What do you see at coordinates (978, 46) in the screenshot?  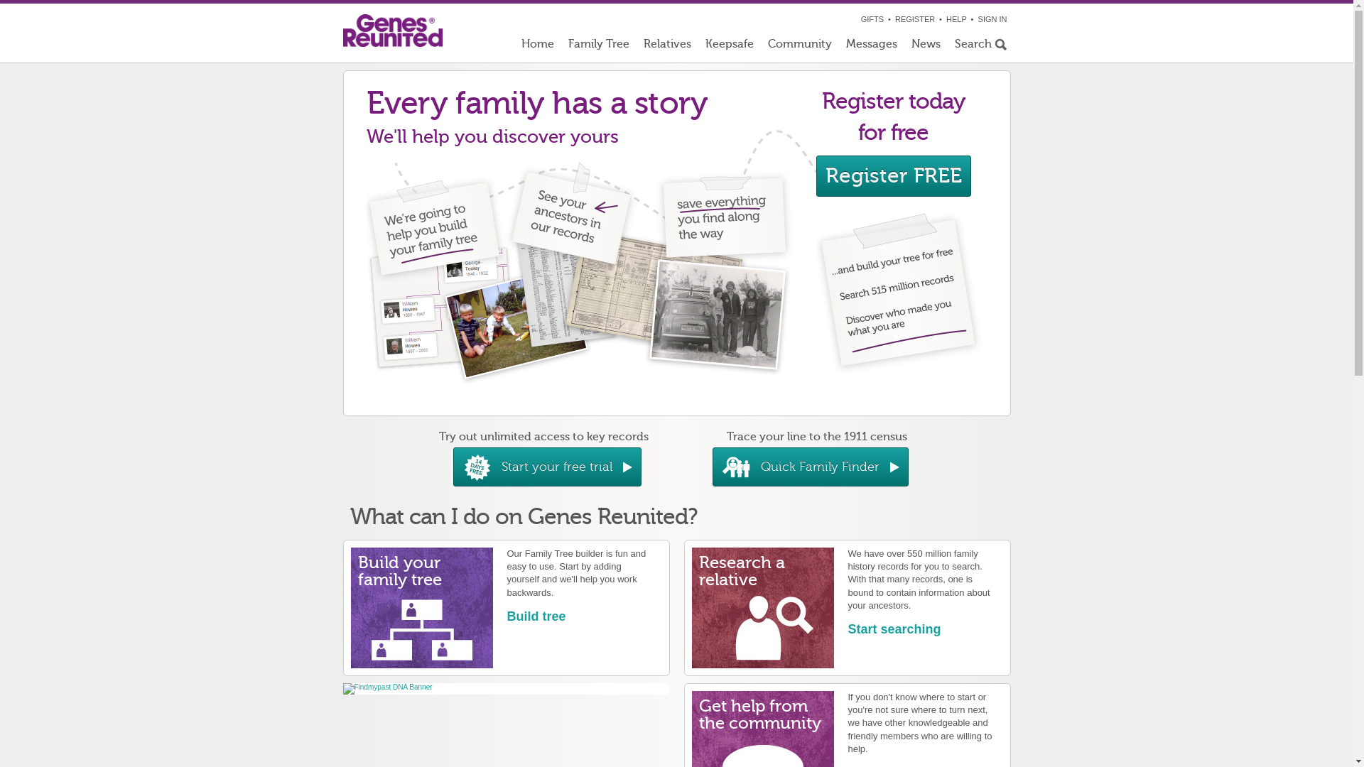 I see `'Search'` at bounding box center [978, 46].